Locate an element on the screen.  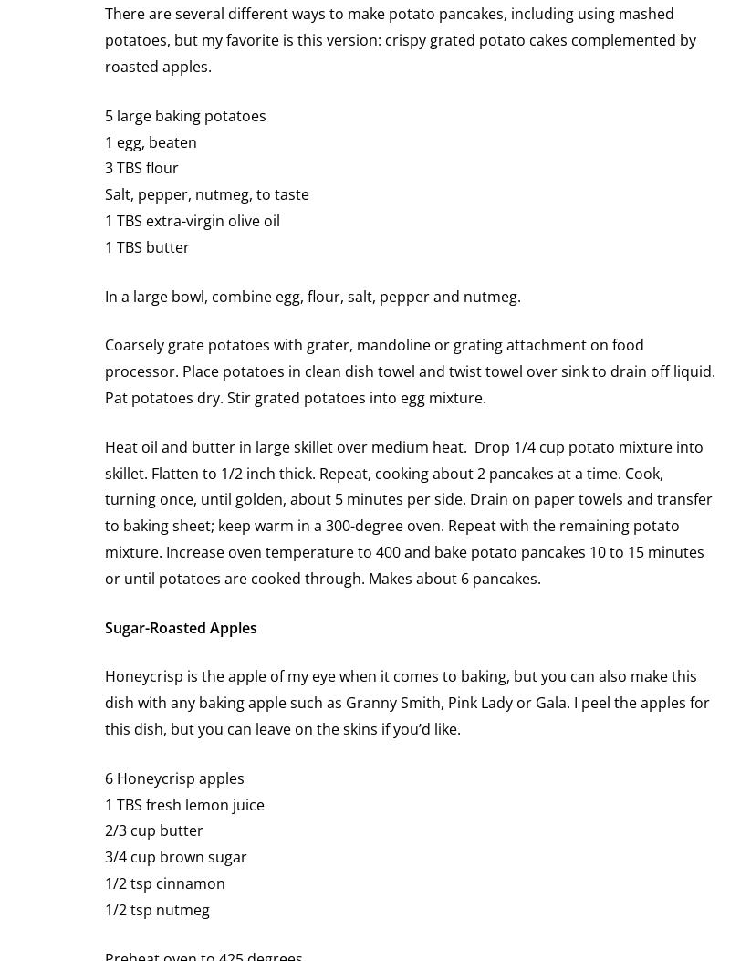
'3 TBS flour' is located at coordinates (141, 166).